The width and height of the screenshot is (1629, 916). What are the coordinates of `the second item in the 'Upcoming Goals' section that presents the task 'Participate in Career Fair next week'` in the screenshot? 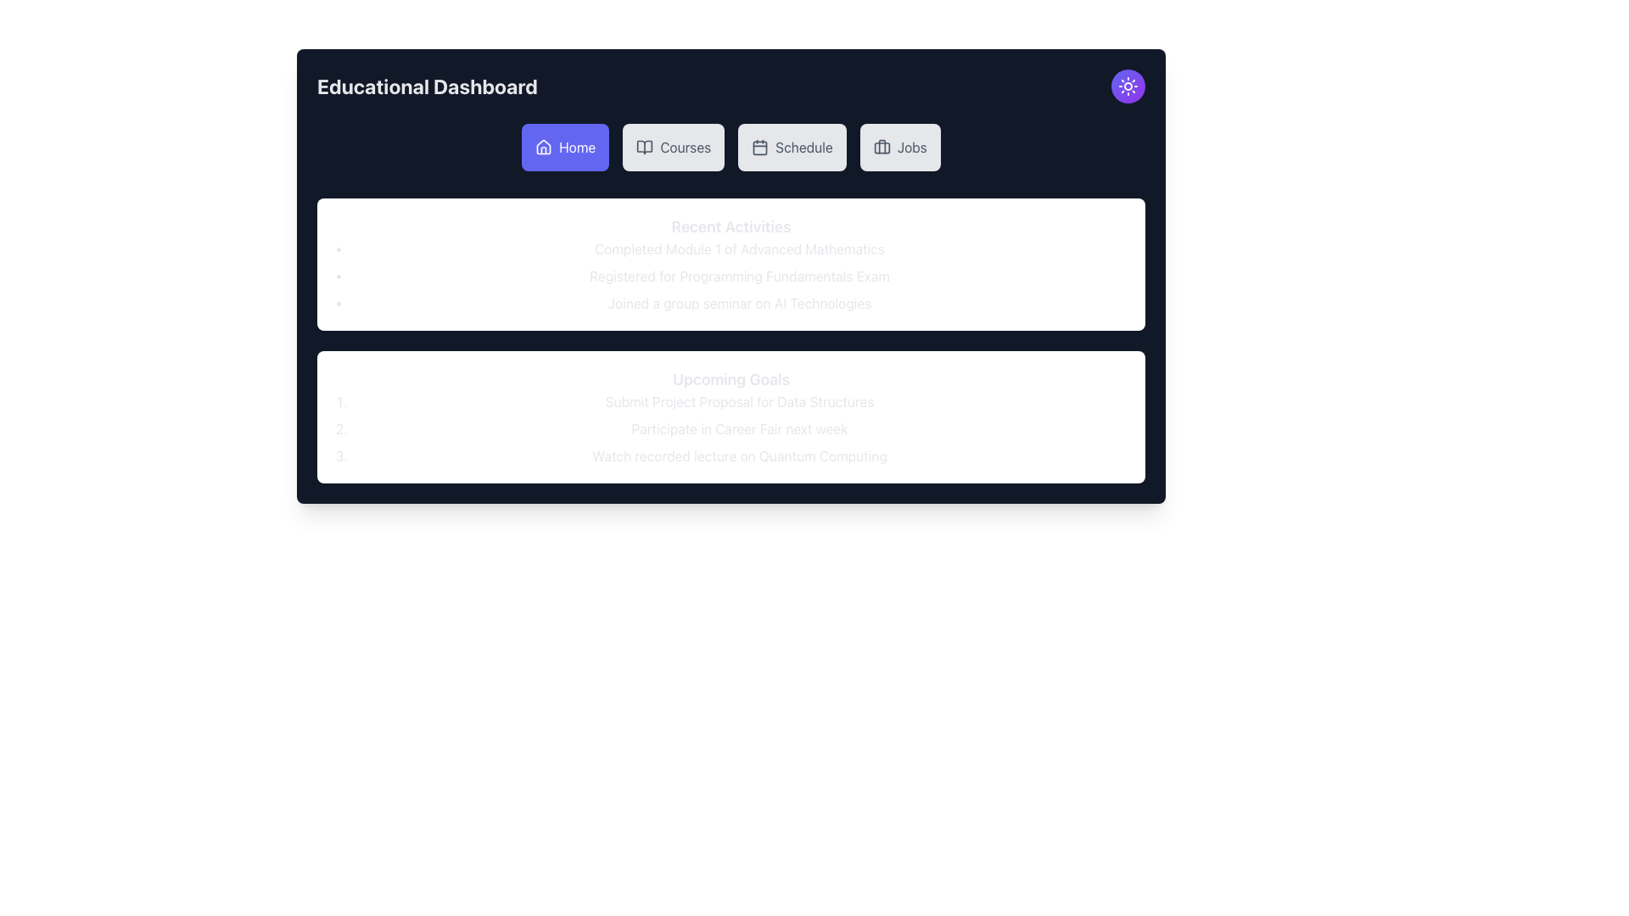 It's located at (740, 427).